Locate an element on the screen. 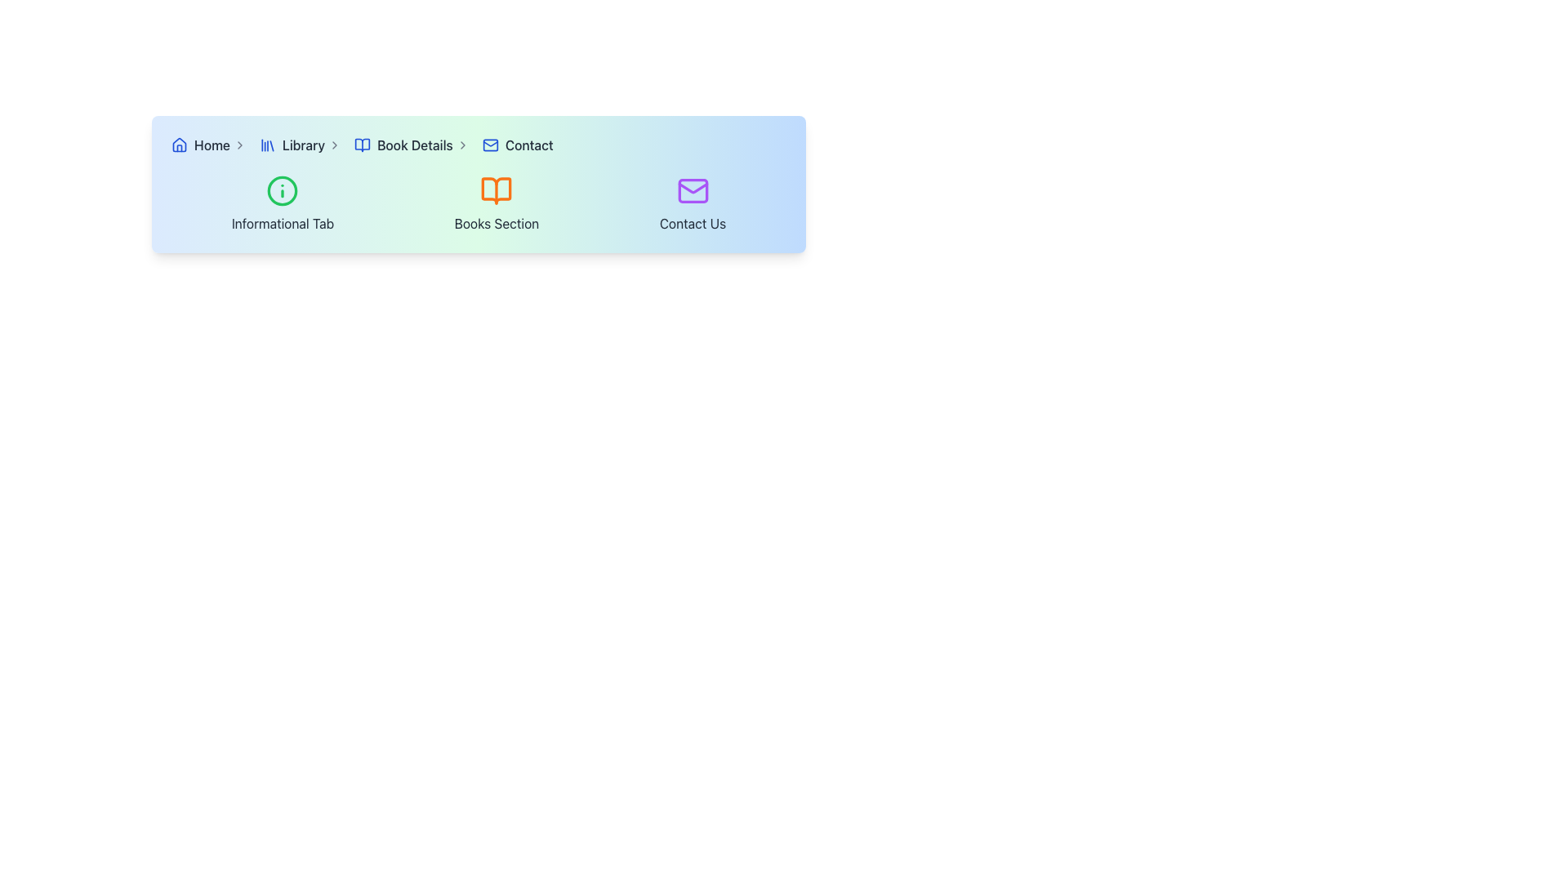  the navigation option labeled 'Books Section', which features an orange open book icon and is positioned in the middle of a row of three navigation items is located at coordinates (496, 203).